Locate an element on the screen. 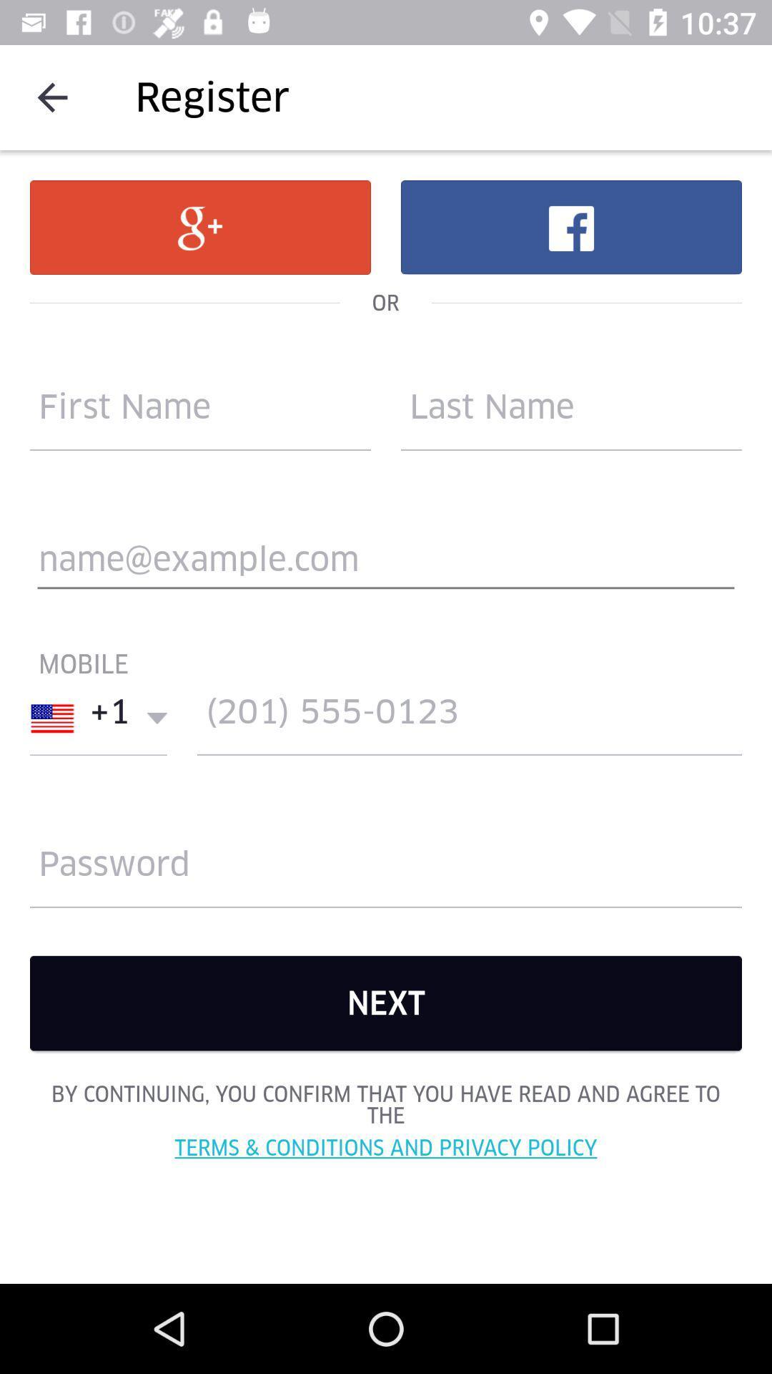 The image size is (772, 1374). mail address is located at coordinates (386, 565).